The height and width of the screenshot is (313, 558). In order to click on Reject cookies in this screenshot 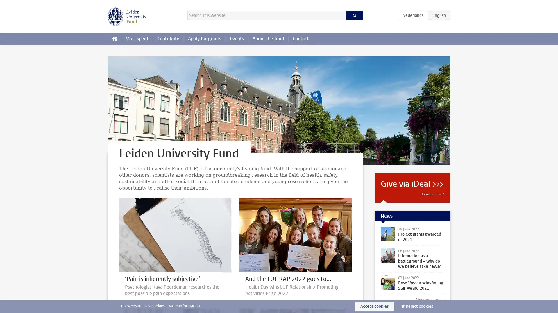, I will do `click(419, 306)`.